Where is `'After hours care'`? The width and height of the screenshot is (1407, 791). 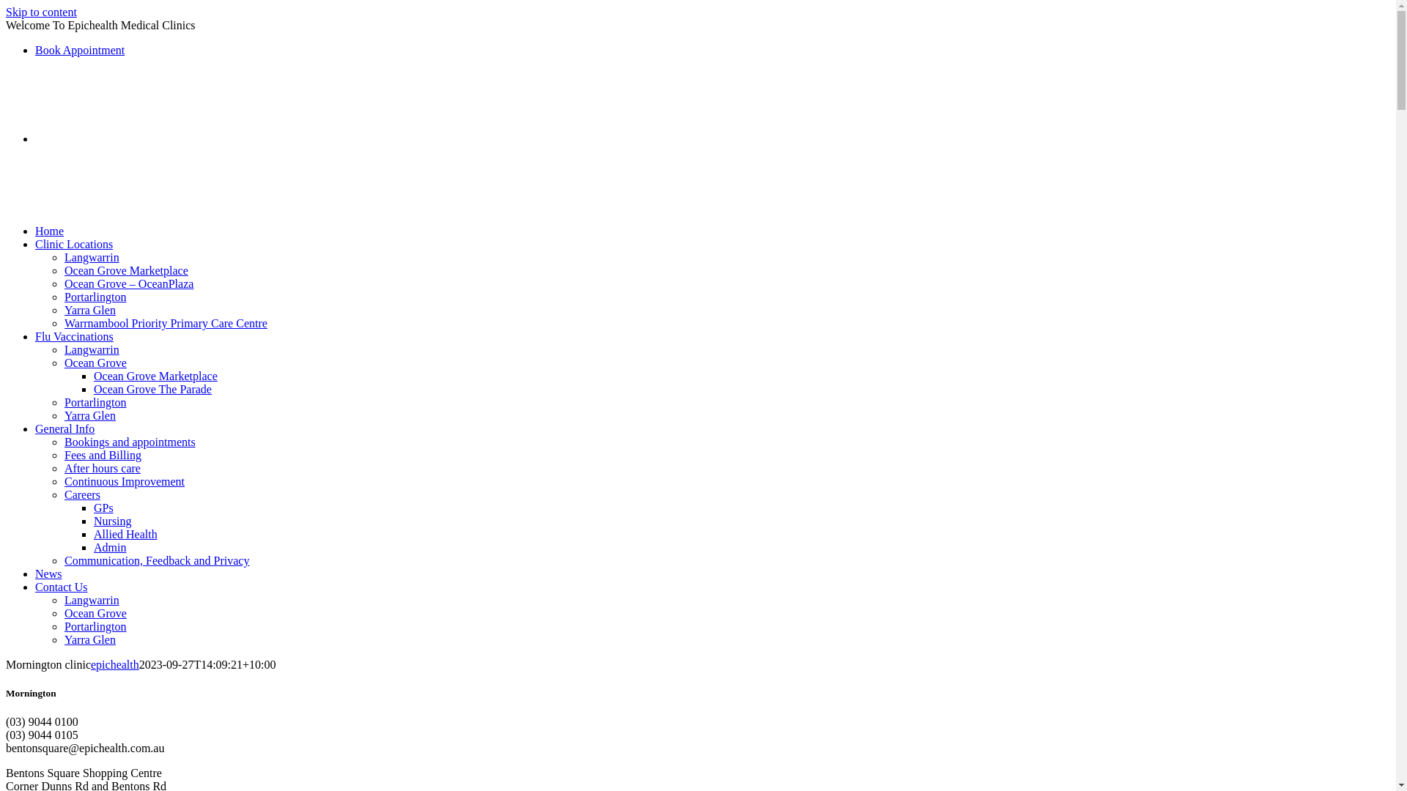
'After hours care' is located at coordinates (101, 468).